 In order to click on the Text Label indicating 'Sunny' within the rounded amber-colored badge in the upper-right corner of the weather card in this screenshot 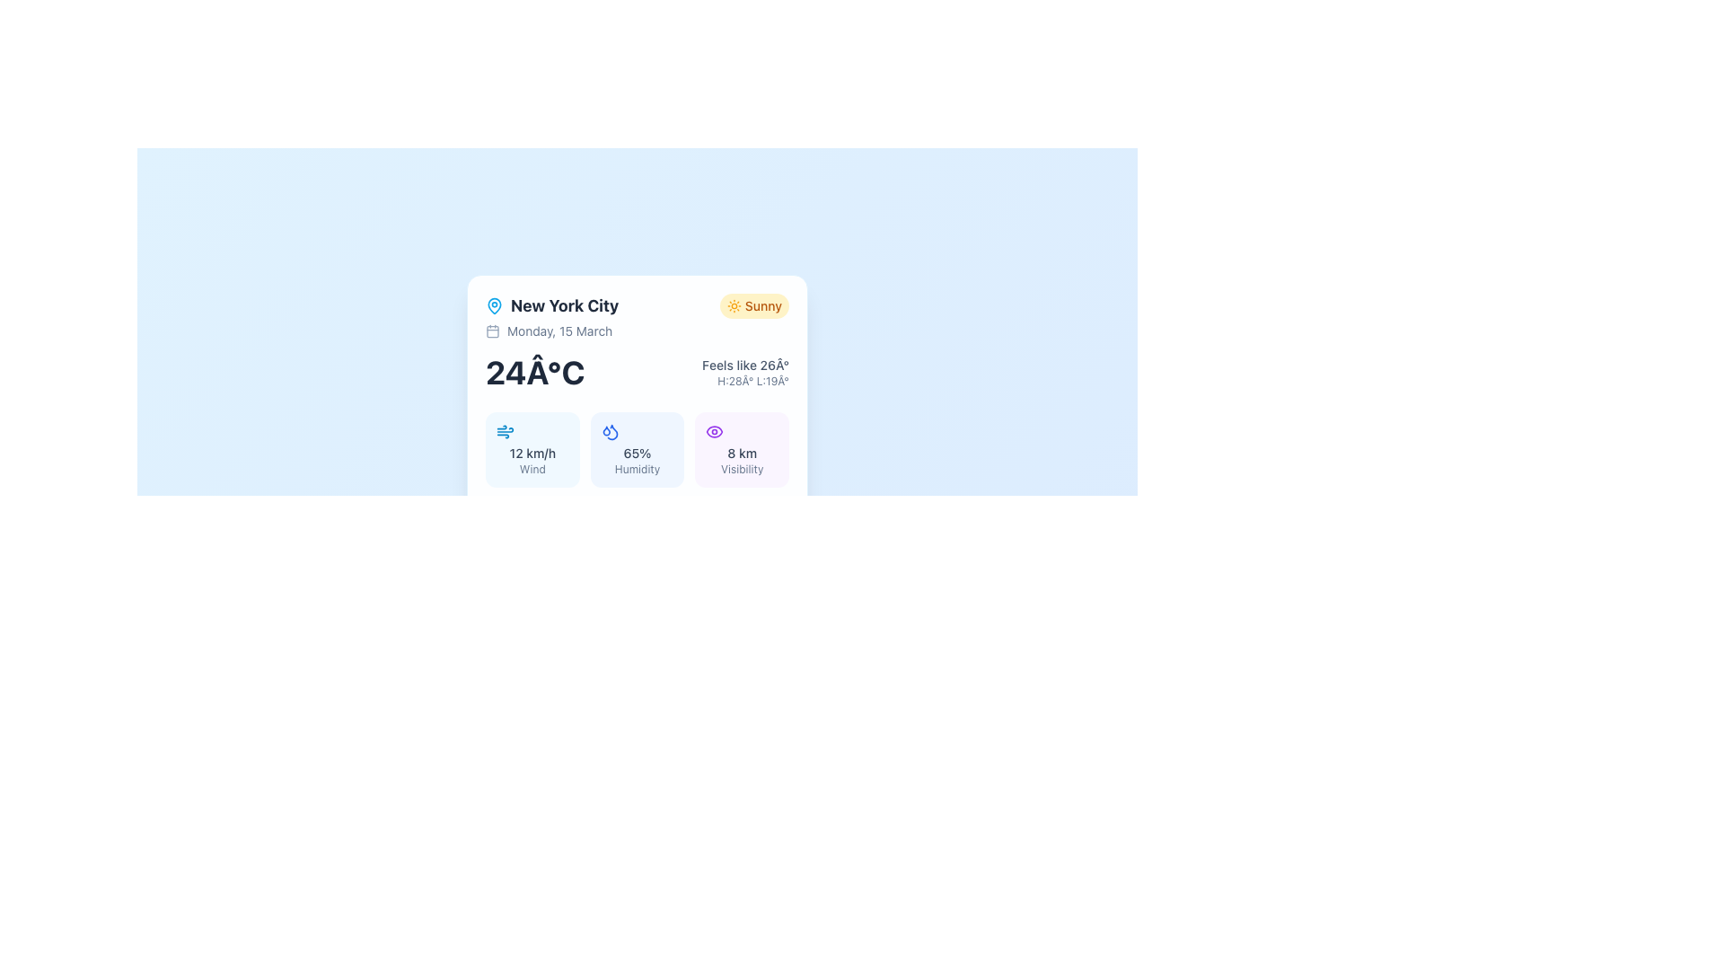, I will do `click(763, 304)`.